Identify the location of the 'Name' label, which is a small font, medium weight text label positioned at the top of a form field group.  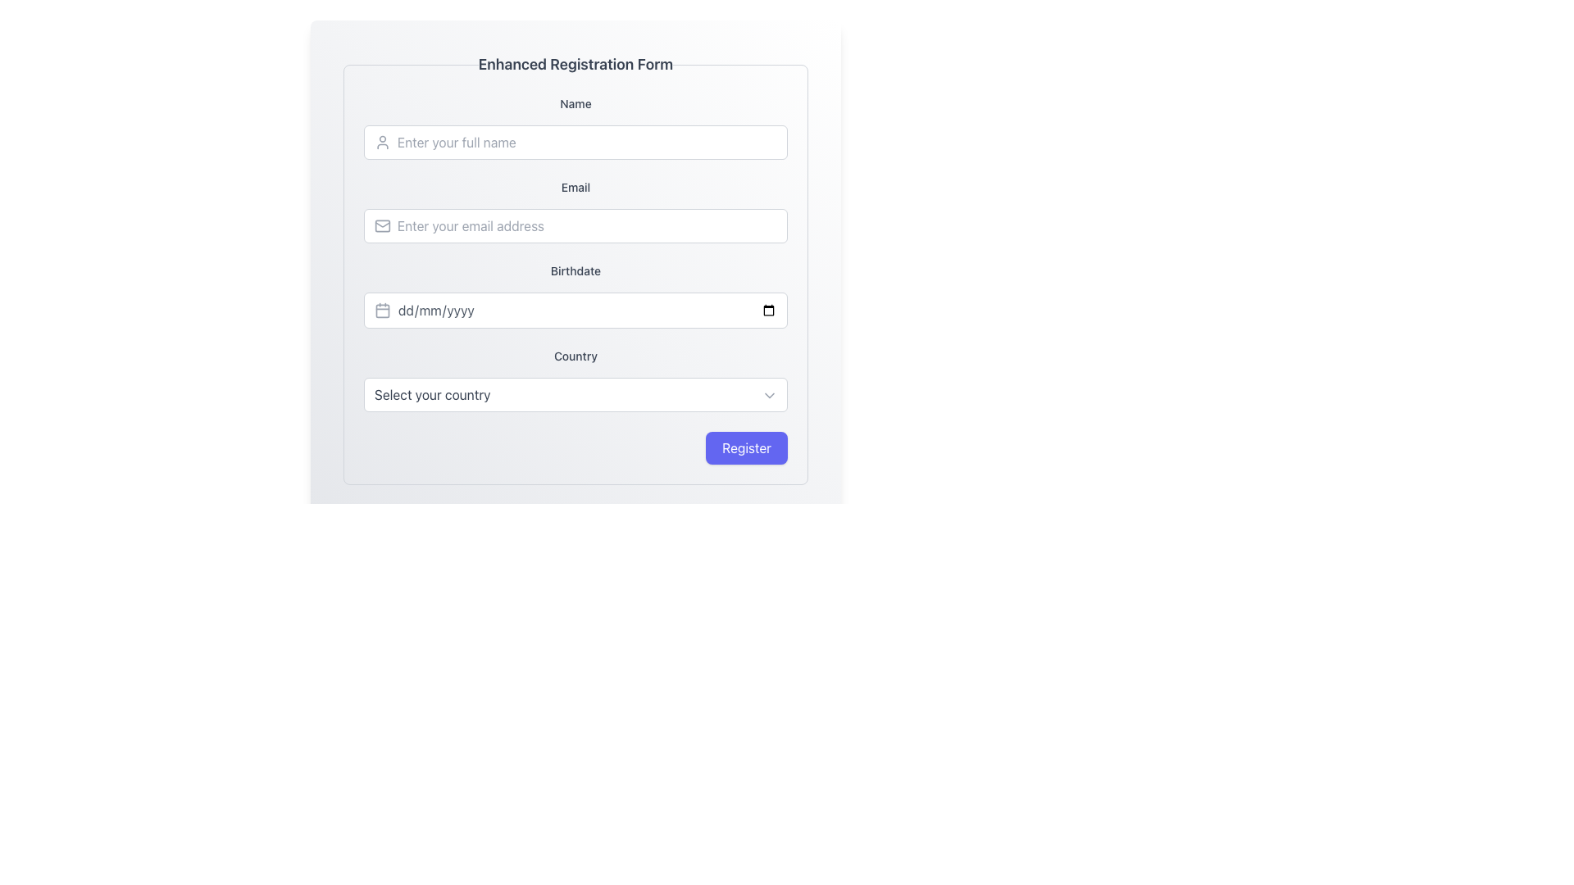
(575, 104).